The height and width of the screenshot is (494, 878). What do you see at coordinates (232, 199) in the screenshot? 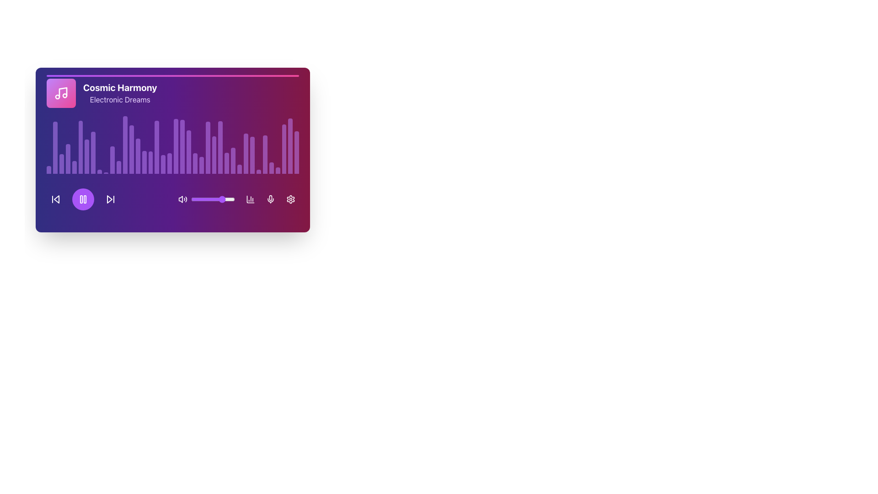
I see `the value of the slider` at bounding box center [232, 199].